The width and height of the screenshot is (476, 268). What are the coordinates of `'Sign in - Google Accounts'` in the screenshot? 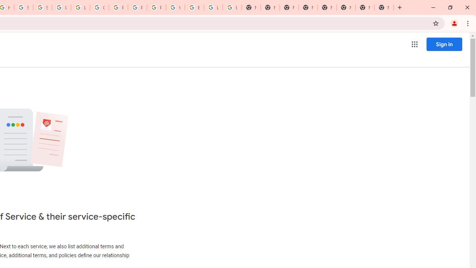 It's located at (24, 7).